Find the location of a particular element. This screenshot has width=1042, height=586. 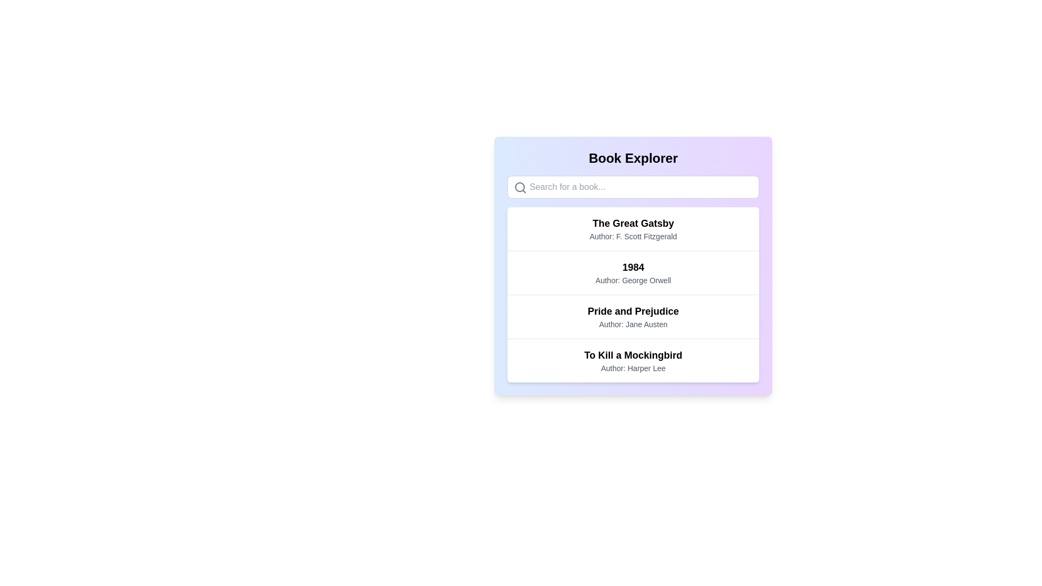

the text label displaying 'Author: Jane Austen', which is positioned below the bold title 'Pride and Prejudice' is located at coordinates (633, 323).